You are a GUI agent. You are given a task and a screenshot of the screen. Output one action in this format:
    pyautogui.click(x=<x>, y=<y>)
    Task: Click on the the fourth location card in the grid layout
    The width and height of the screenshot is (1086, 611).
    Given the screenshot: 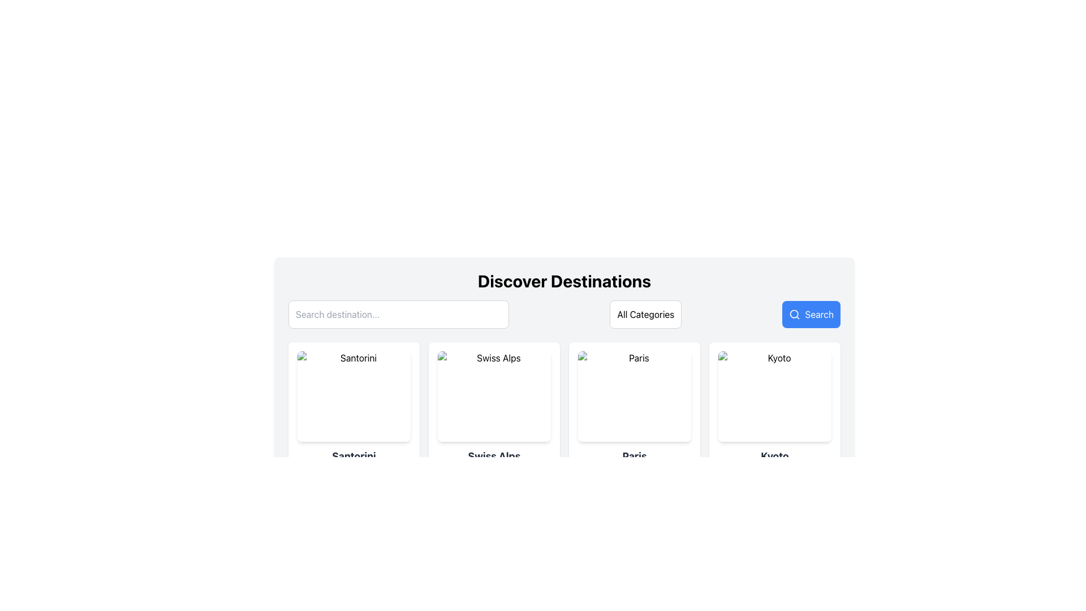 What is the action you would take?
    pyautogui.click(x=774, y=416)
    